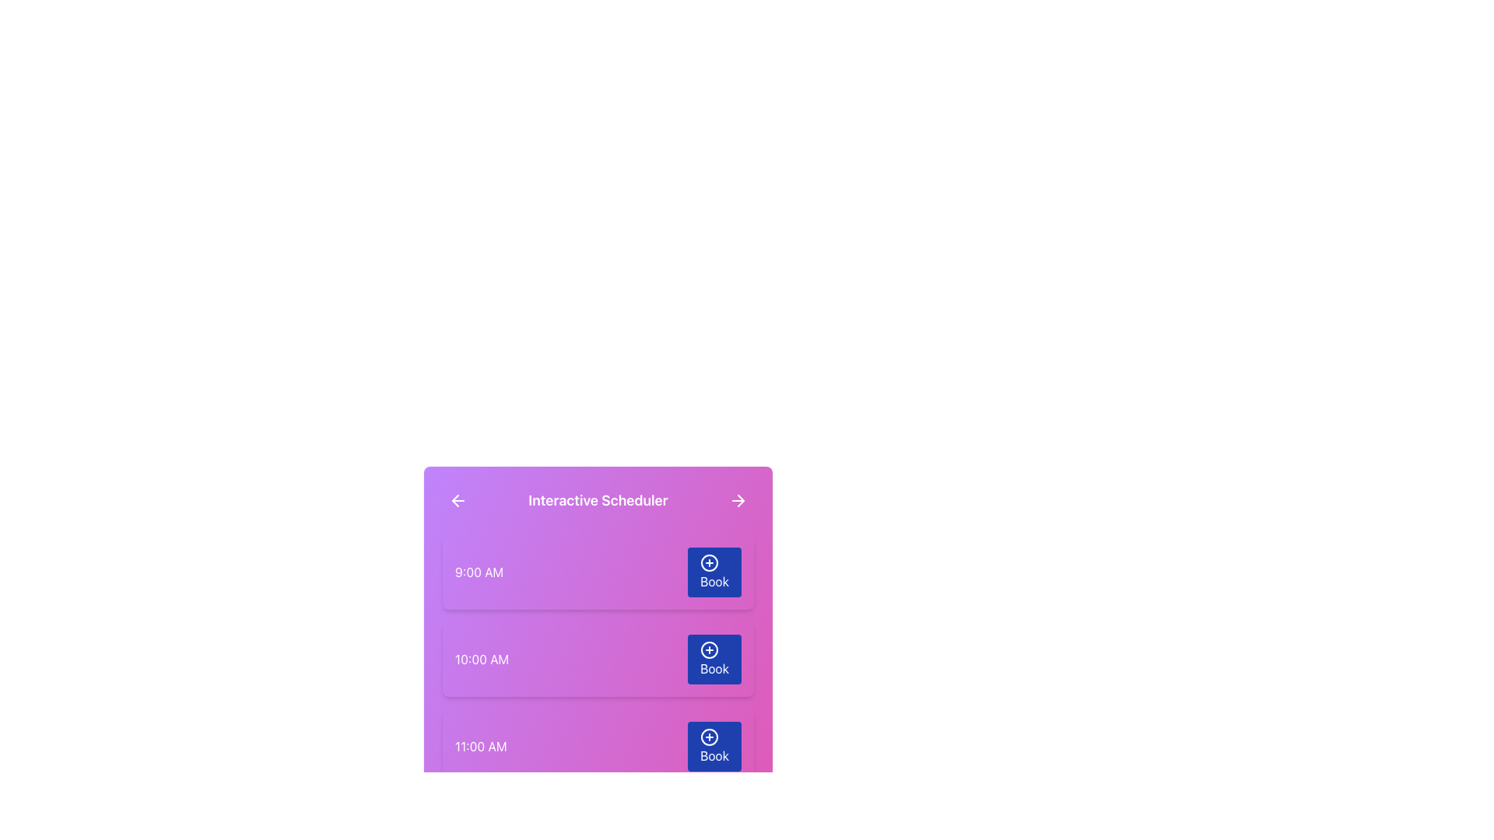  What do you see at coordinates (481, 660) in the screenshot?
I see `the text label displaying the time slot for a scheduled appointment, located in the second row of the scheduling interface, to the left of the blue button labeled 'Book'` at bounding box center [481, 660].